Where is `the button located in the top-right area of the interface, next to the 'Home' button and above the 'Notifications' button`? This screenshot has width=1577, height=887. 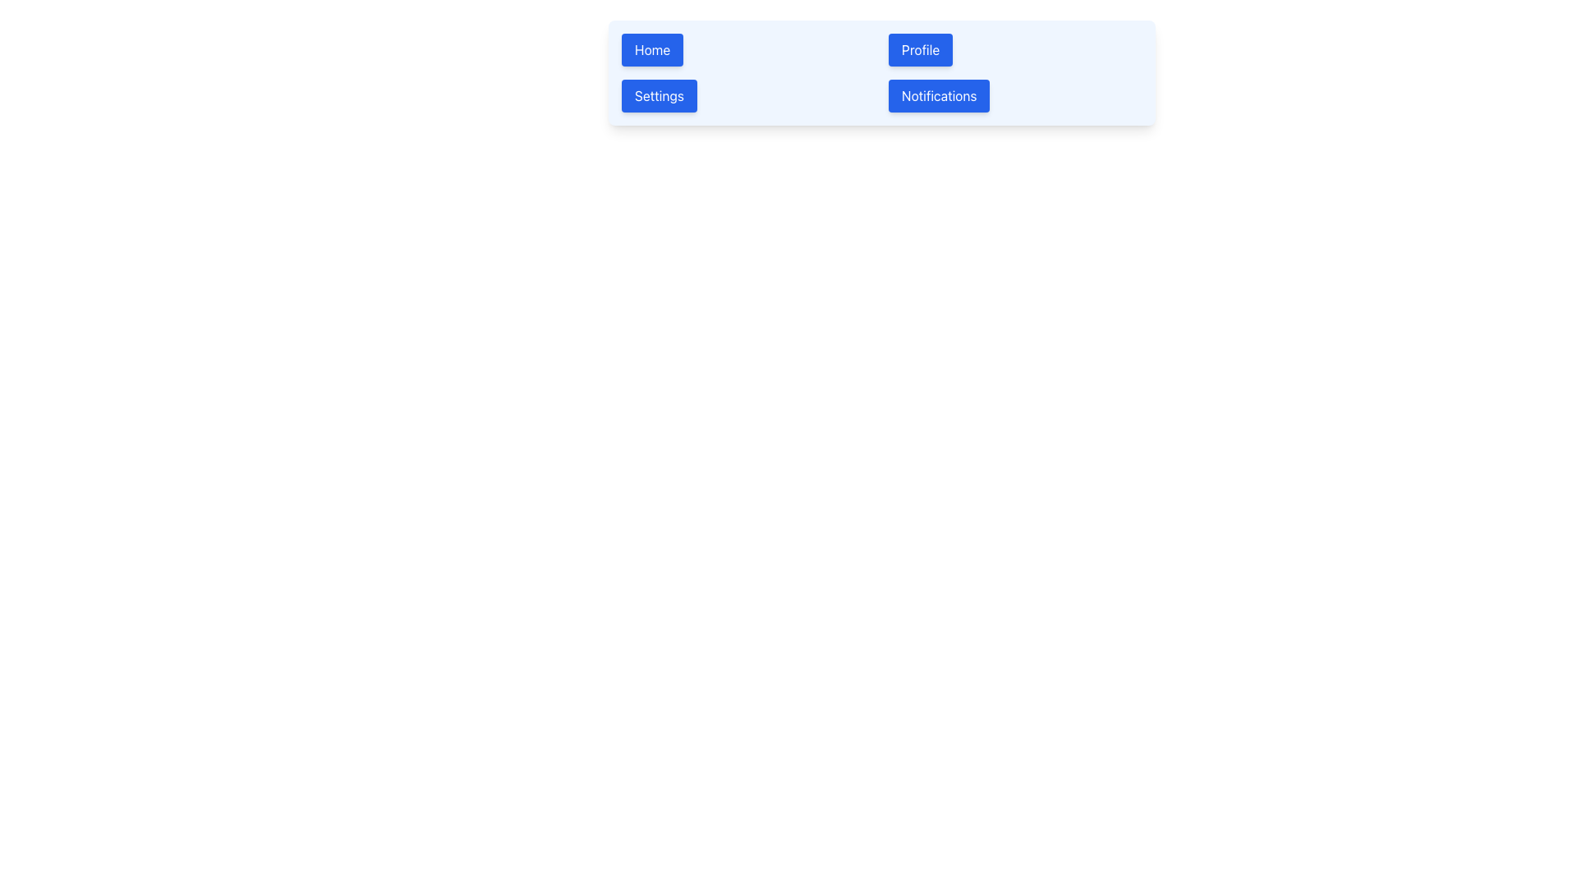
the button located in the top-right area of the interface, next to the 'Home' button and above the 'Notifications' button is located at coordinates (921, 49).